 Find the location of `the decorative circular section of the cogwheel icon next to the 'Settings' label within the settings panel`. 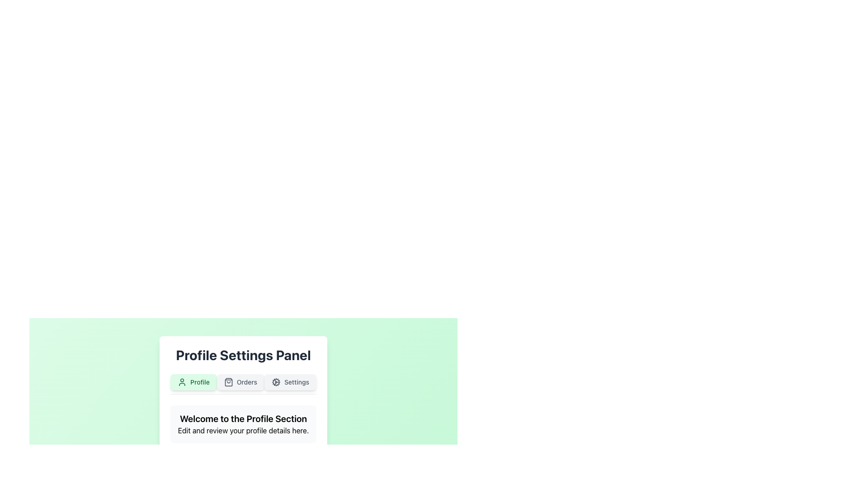

the decorative circular section of the cogwheel icon next to the 'Settings' label within the settings panel is located at coordinates (275, 382).